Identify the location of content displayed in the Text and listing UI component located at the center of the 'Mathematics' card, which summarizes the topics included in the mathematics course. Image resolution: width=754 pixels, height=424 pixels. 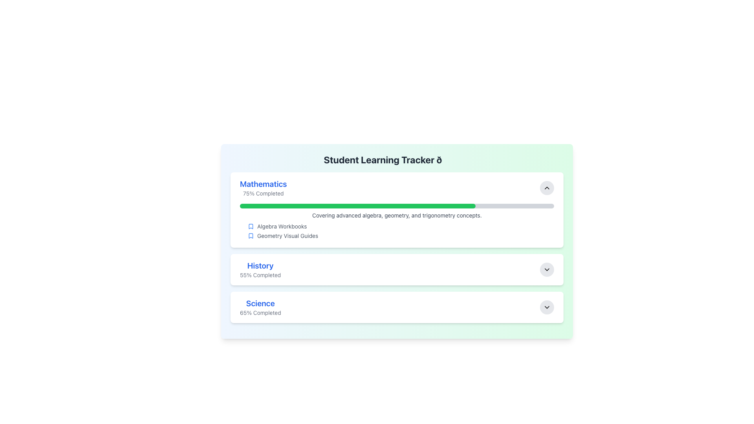
(397, 221).